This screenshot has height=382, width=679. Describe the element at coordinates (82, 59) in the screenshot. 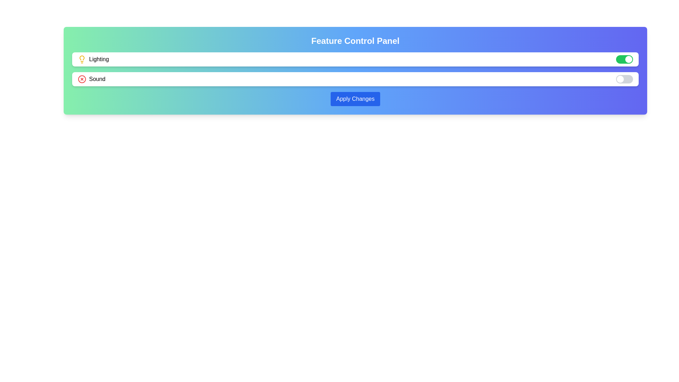

I see `the 'Lighting' icon, which is positioned to the immediate left of the text label 'Lighting' in the first row of the control panel, serving as a visual indicator for lighting functionalities` at that location.